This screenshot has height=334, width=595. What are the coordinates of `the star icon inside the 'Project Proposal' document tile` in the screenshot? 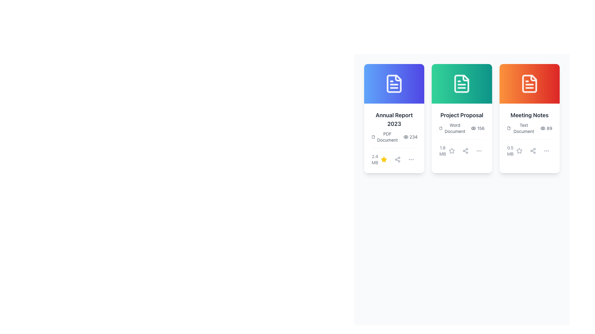 It's located at (452, 151).